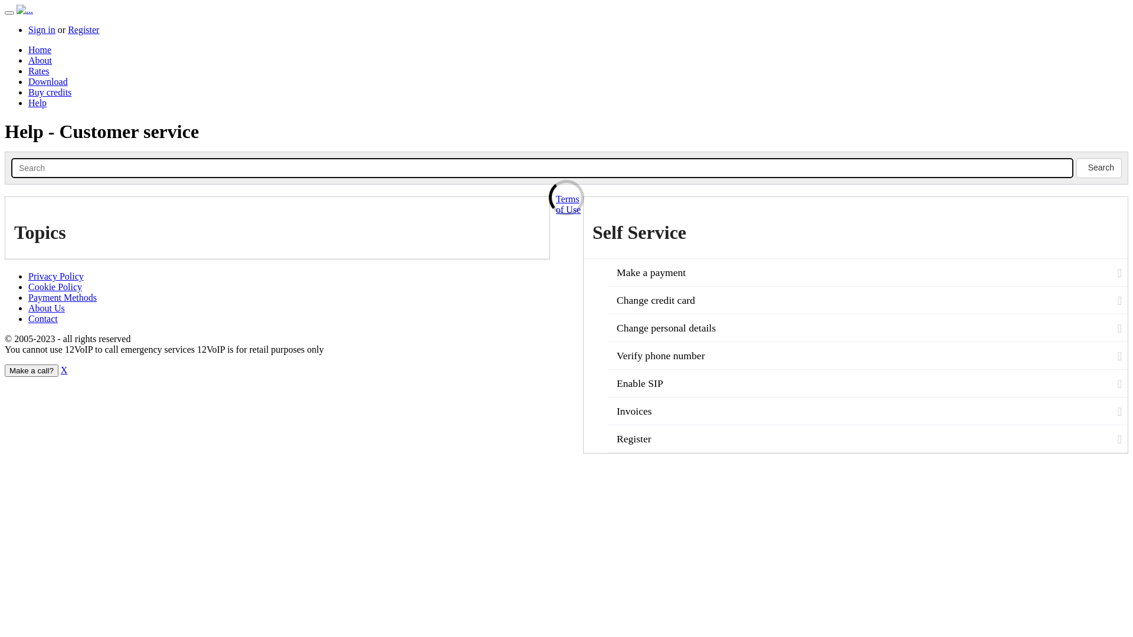  I want to click on 'Search', so click(1098, 168).